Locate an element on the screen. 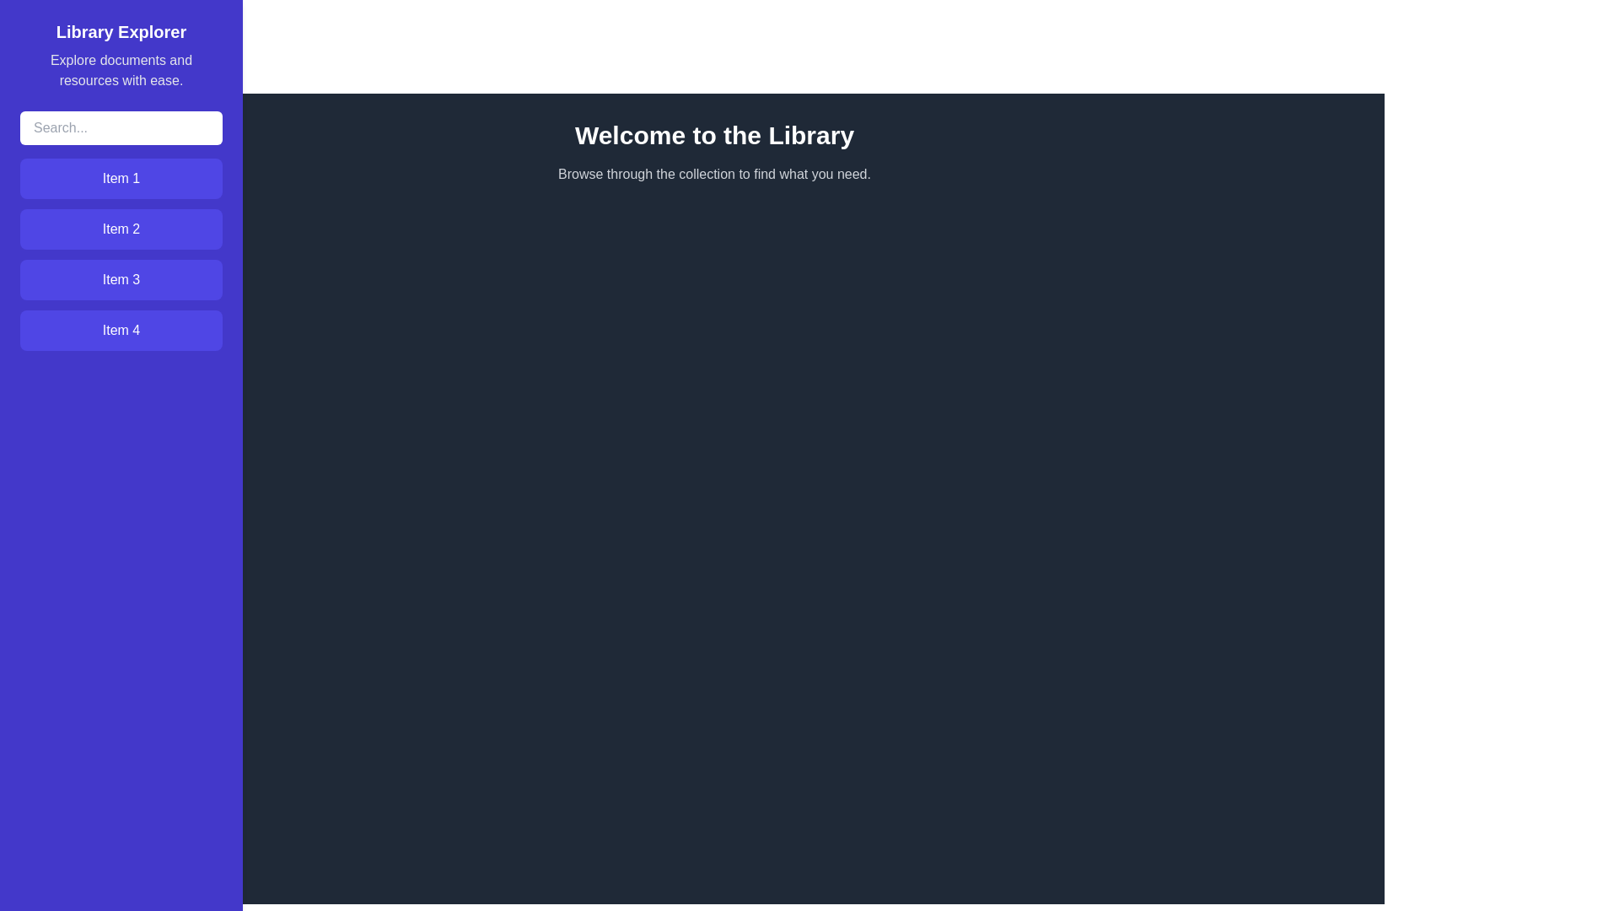 The image size is (1619, 911). the menu item Item 2 to see its hover effect is located at coordinates (121, 229).